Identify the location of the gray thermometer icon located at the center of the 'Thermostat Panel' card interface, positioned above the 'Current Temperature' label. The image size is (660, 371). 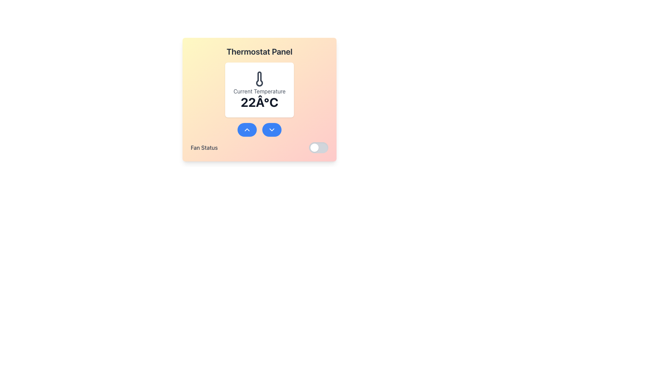
(259, 79).